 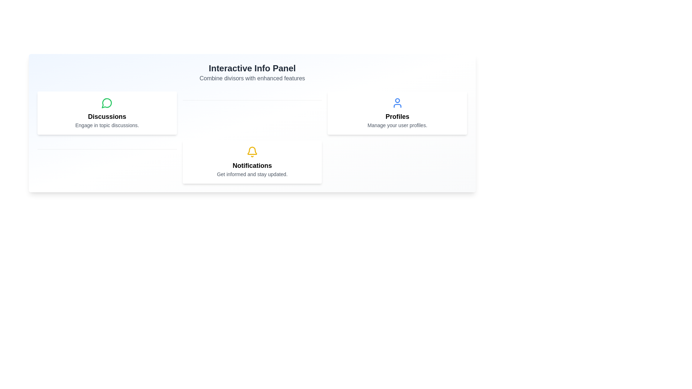 What do you see at coordinates (107, 162) in the screenshot?
I see `the Horizontal Divider that visually separates the 'Discussions' section from the 'Notifications' section, located directly below 'Discussions'` at bounding box center [107, 162].